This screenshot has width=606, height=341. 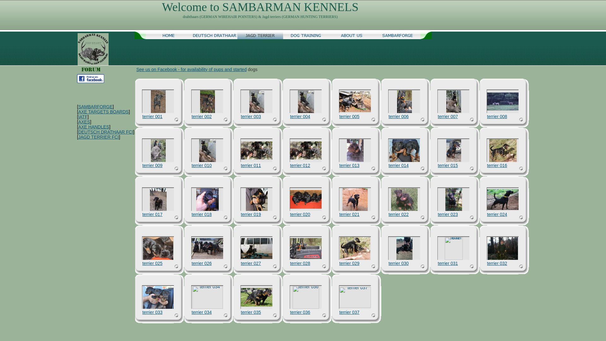 What do you see at coordinates (201, 165) in the screenshot?
I see `'terrier 010'` at bounding box center [201, 165].